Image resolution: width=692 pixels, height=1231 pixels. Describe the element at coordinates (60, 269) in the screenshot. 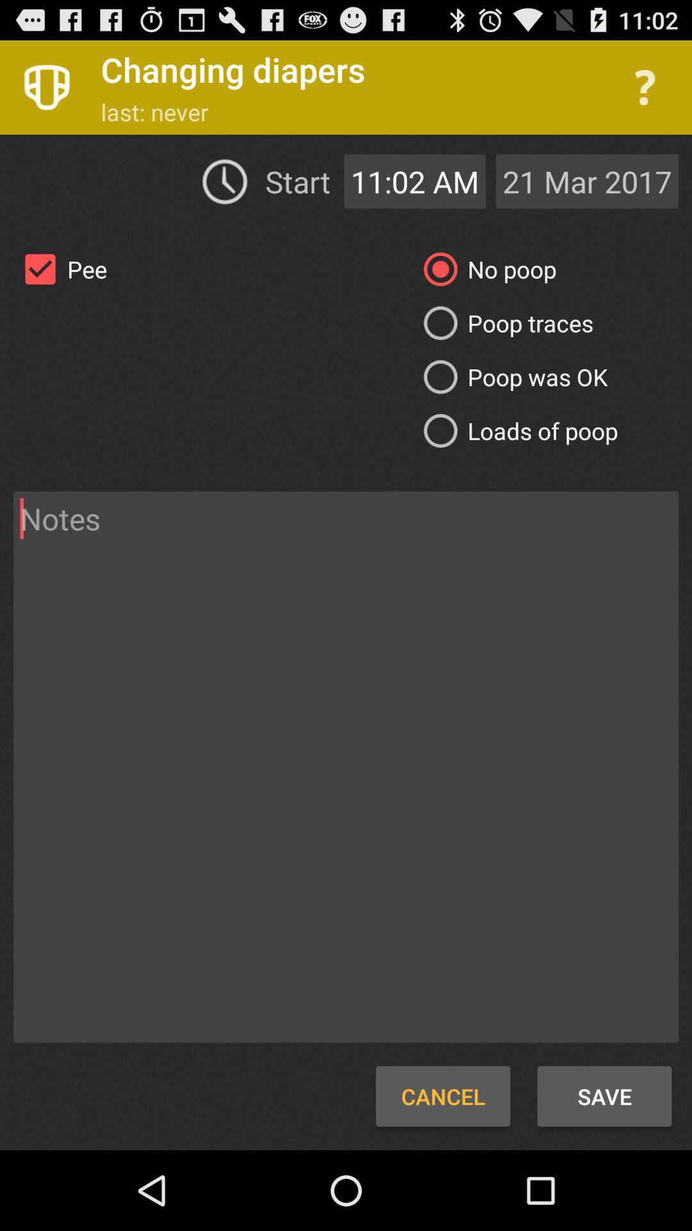

I see `icon next to the no poop icon` at that location.